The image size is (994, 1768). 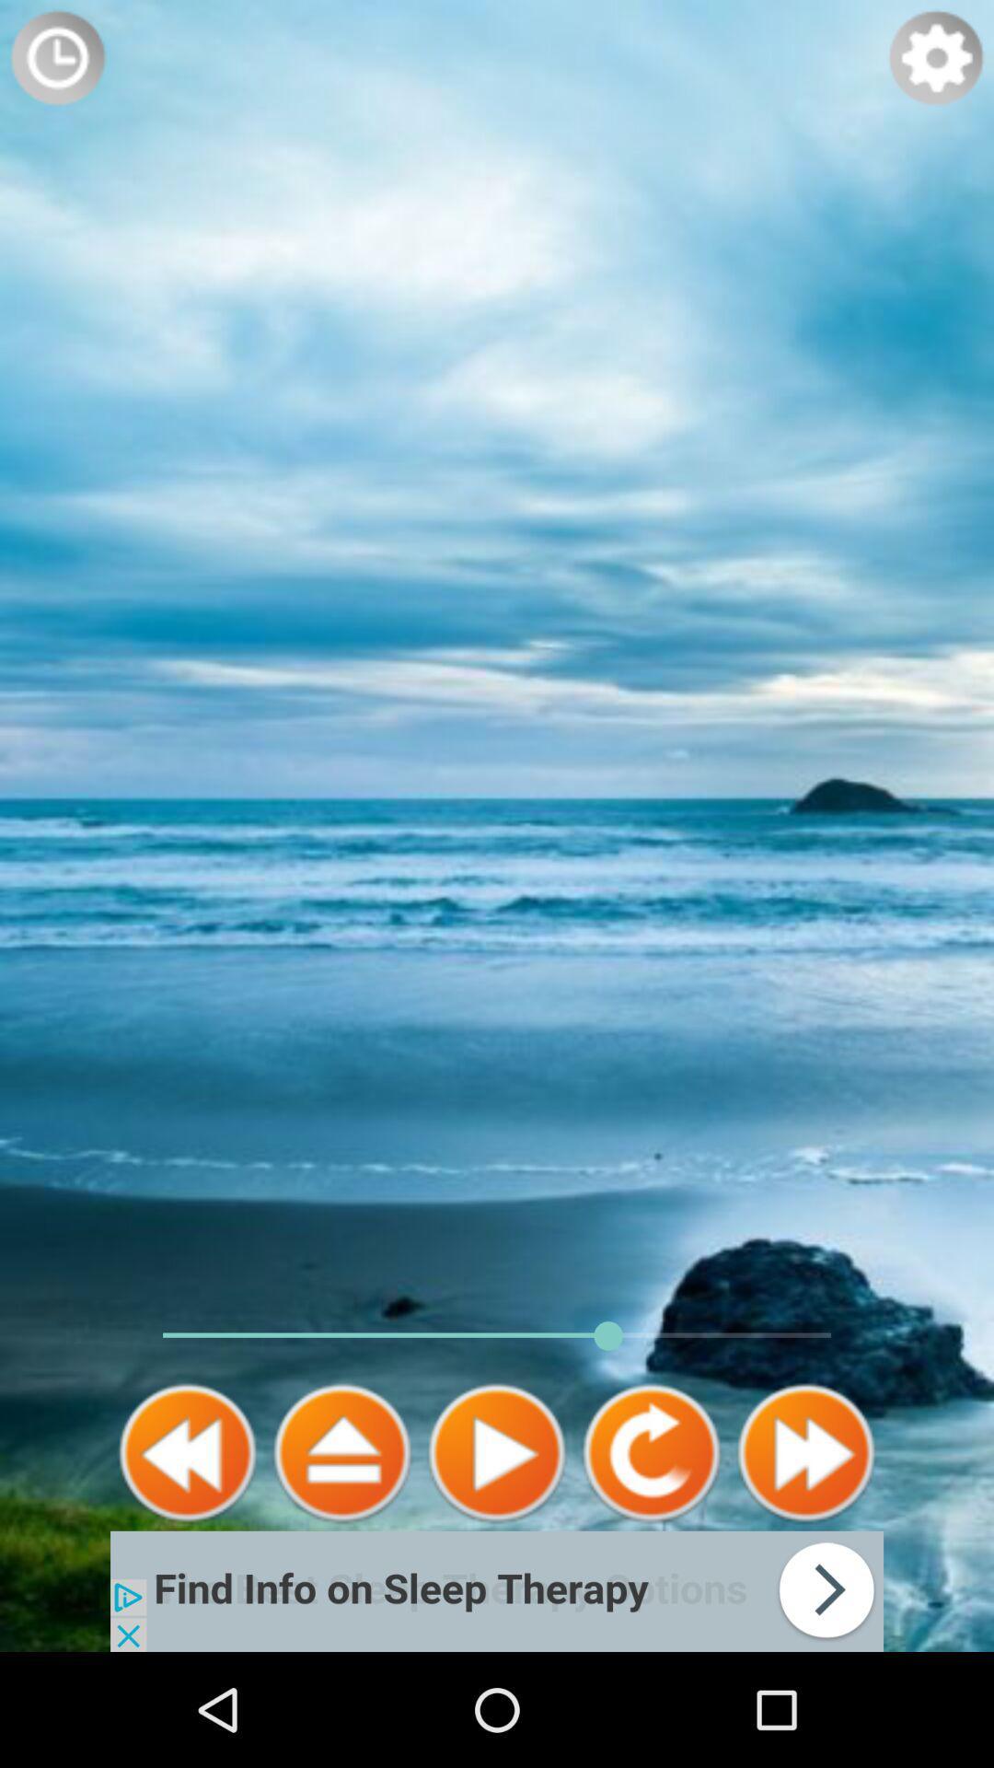 What do you see at coordinates (497, 1590) in the screenshot?
I see `link to advertisement` at bounding box center [497, 1590].